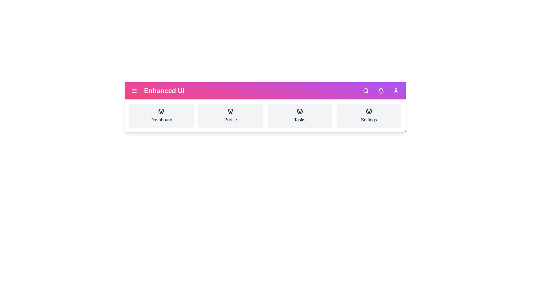  Describe the element at coordinates (231, 115) in the screenshot. I see `the interactive element profile_link` at that location.